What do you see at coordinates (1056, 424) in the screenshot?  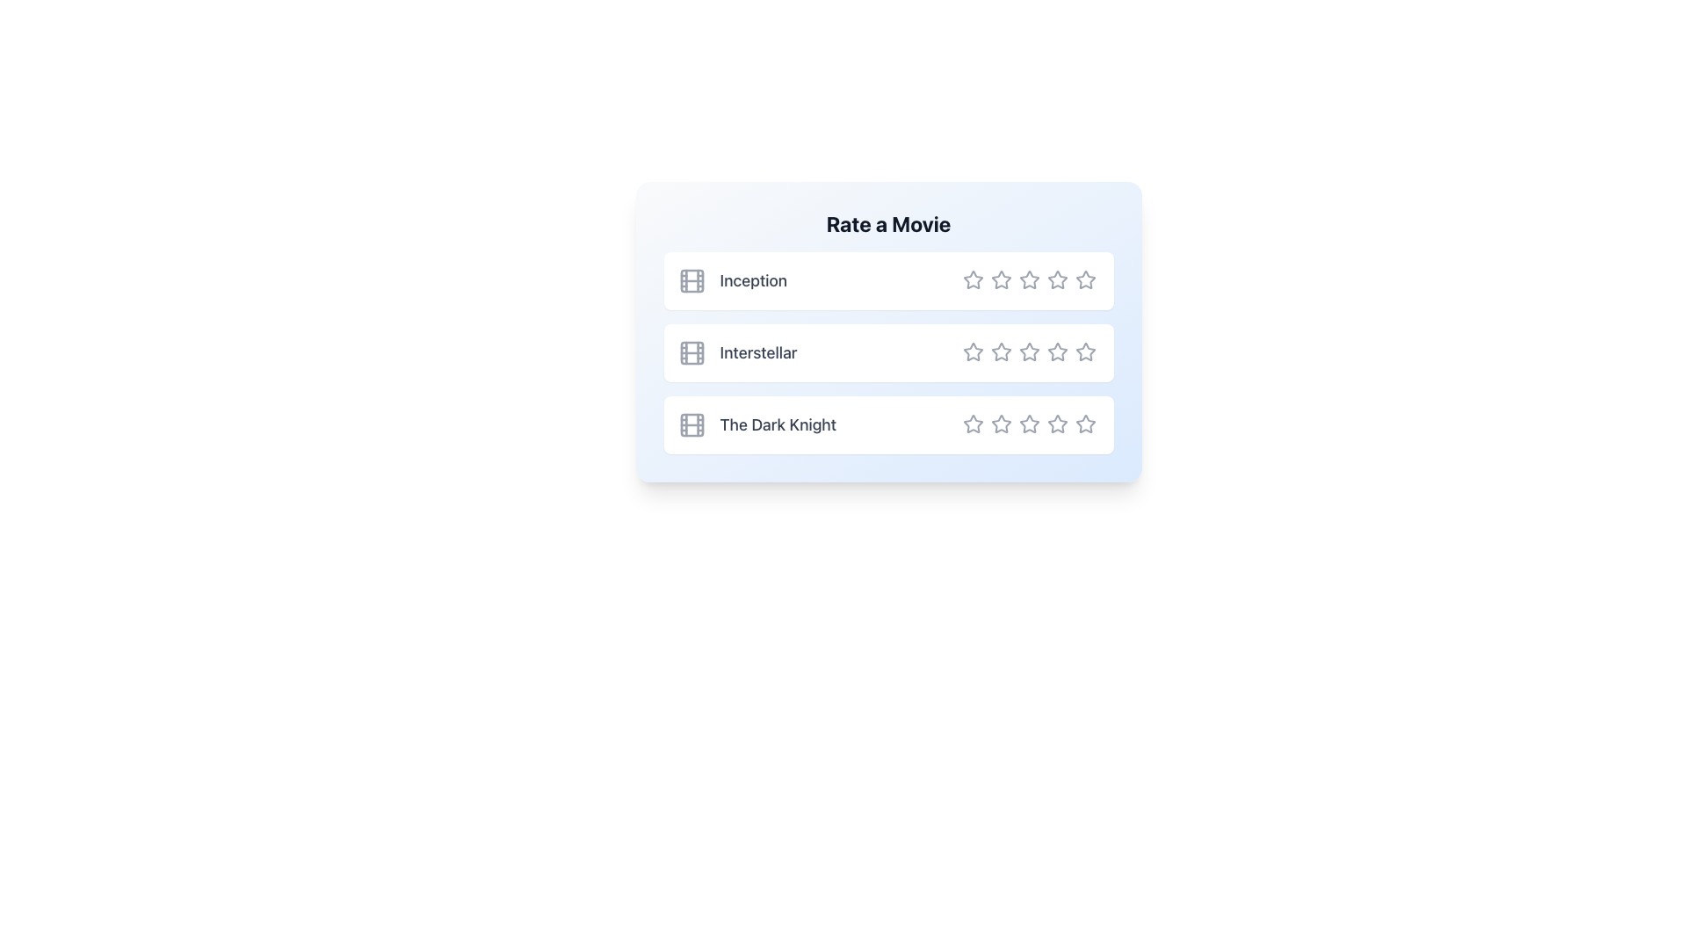 I see `the last interactive star icon in the fifth column of the rating system for 'The Dark Knight'` at bounding box center [1056, 424].